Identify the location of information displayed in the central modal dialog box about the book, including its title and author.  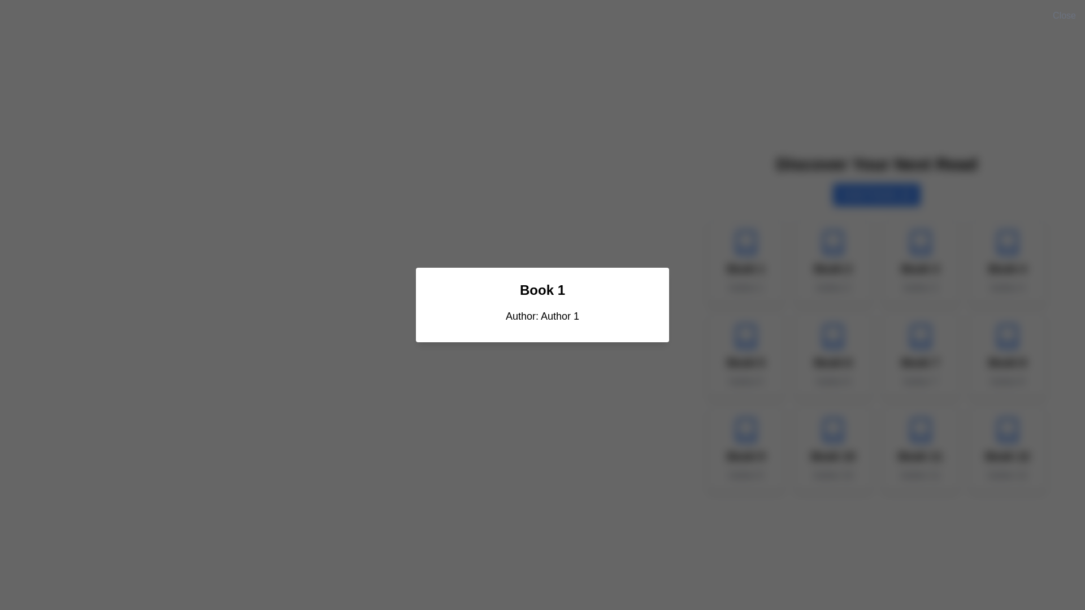
(542, 305).